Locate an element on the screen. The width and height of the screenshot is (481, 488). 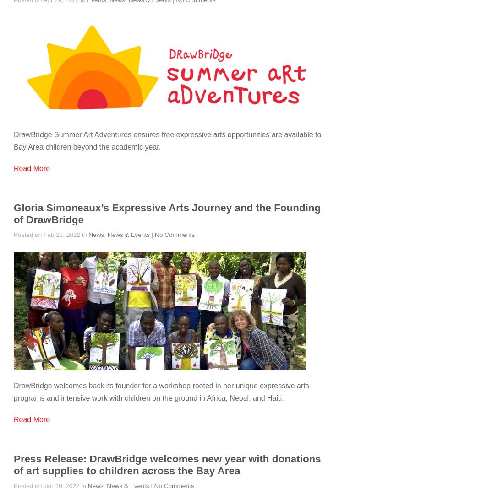
'|' is located at coordinates (152, 234).